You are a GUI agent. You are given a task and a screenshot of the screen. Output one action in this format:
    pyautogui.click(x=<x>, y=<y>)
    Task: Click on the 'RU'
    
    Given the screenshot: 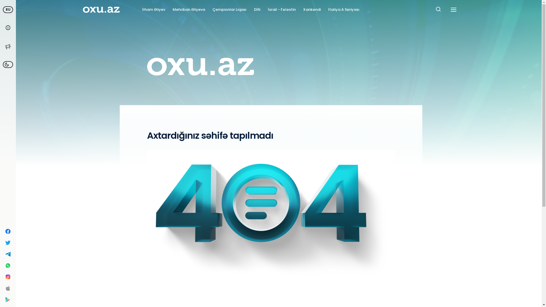 What is the action you would take?
    pyautogui.click(x=3, y=10)
    